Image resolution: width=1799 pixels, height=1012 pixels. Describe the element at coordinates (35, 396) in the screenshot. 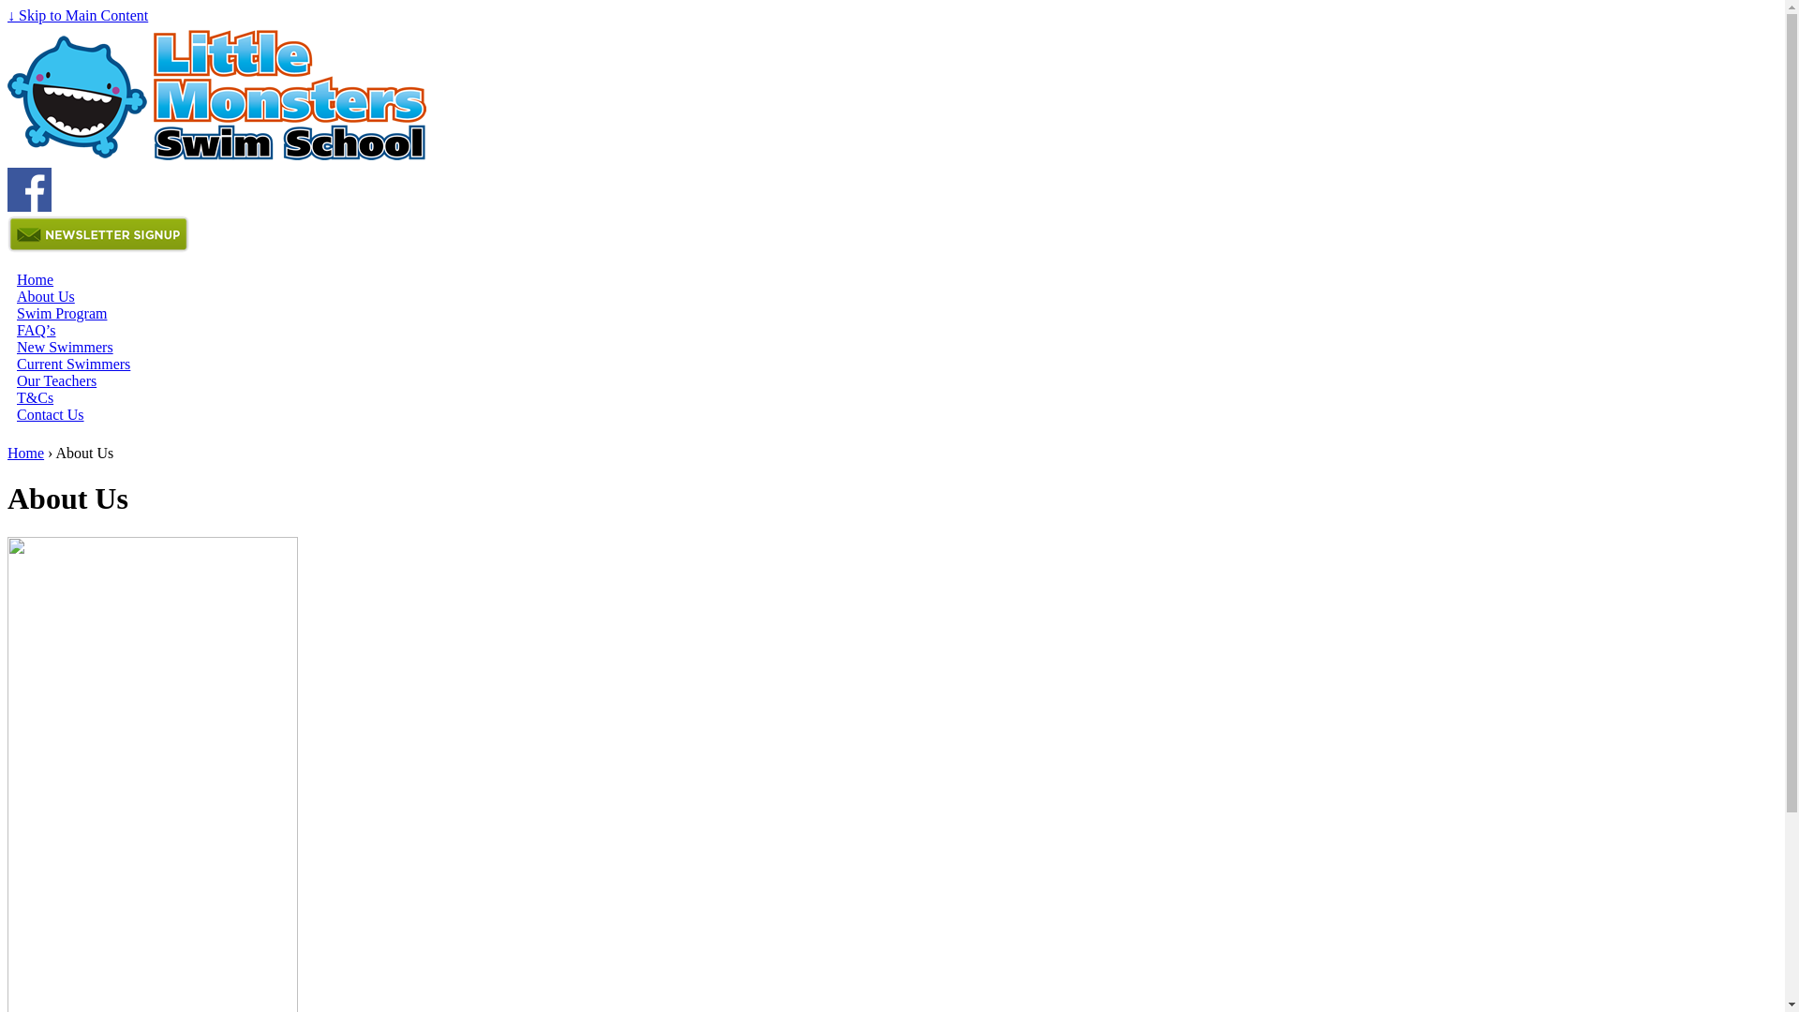

I see `'T&Cs'` at that location.